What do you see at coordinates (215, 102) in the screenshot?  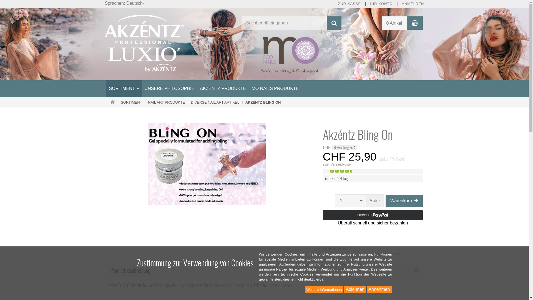 I see `'DIVERSE NAIL ART ARTIKEL'` at bounding box center [215, 102].